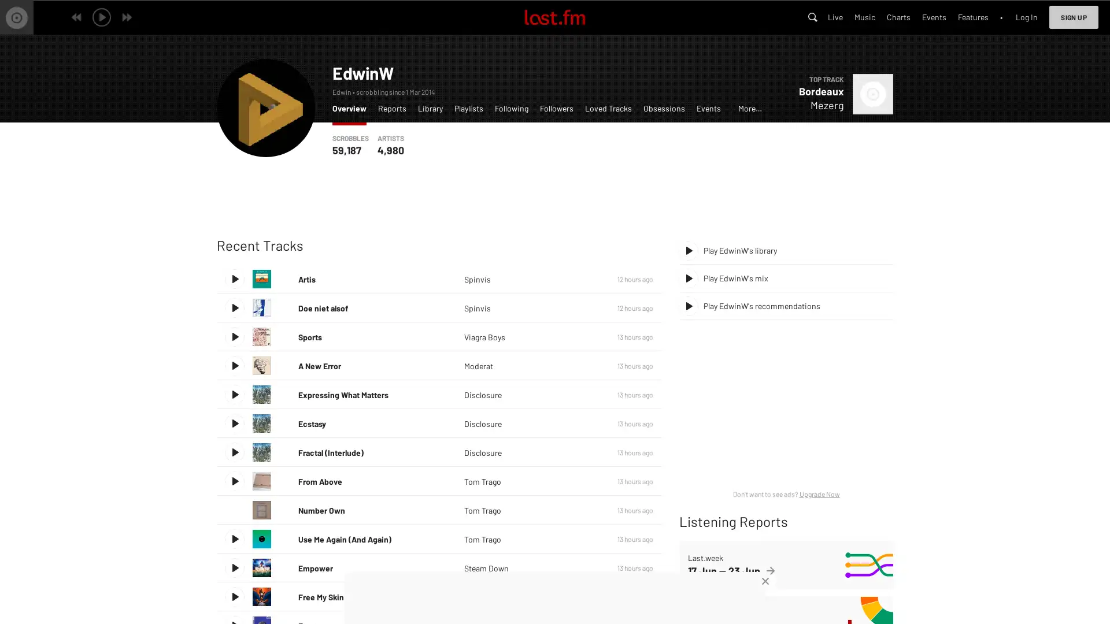 The width and height of the screenshot is (1110, 624). I want to click on More, so click(583, 481).